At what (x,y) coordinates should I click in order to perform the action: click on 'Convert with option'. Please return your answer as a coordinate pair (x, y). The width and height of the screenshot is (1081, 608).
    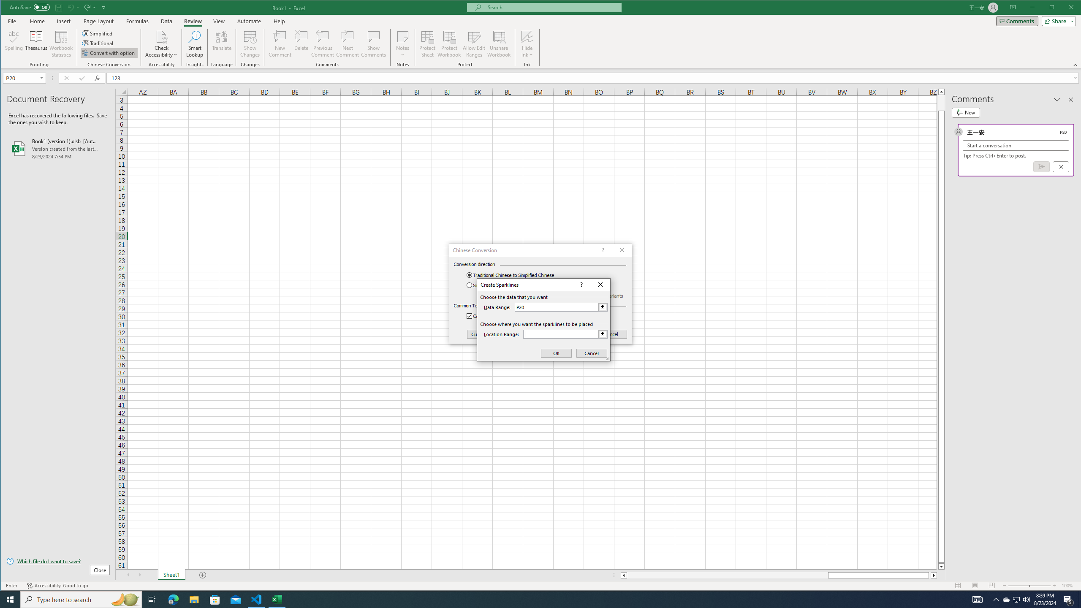
    Looking at the image, I should click on (109, 53).